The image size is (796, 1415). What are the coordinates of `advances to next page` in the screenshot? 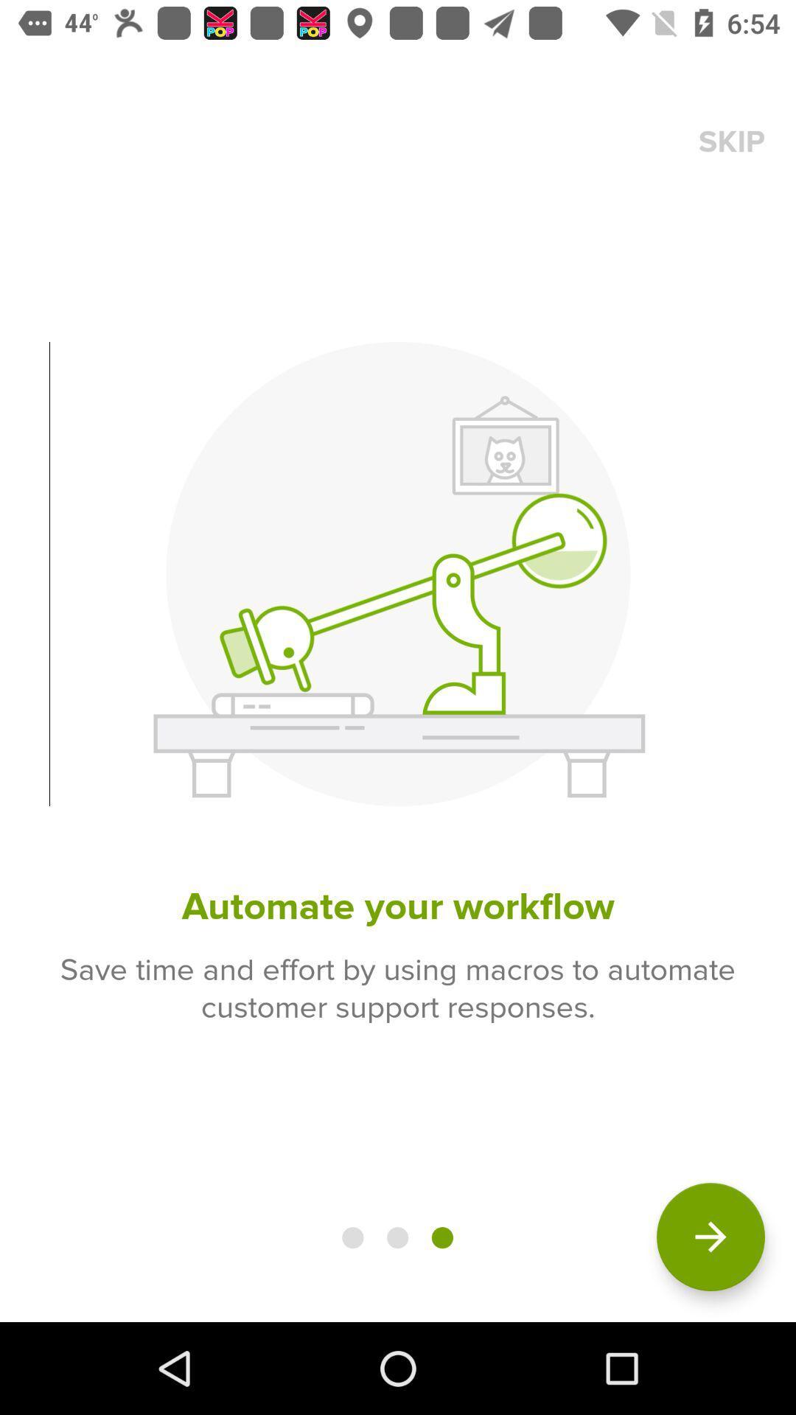 It's located at (710, 1237).